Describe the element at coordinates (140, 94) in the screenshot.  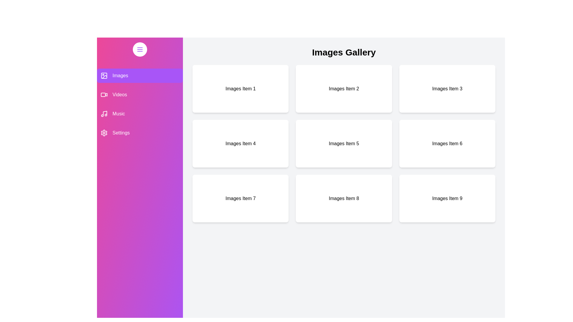
I see `the media category Videos from the sidebar` at that location.